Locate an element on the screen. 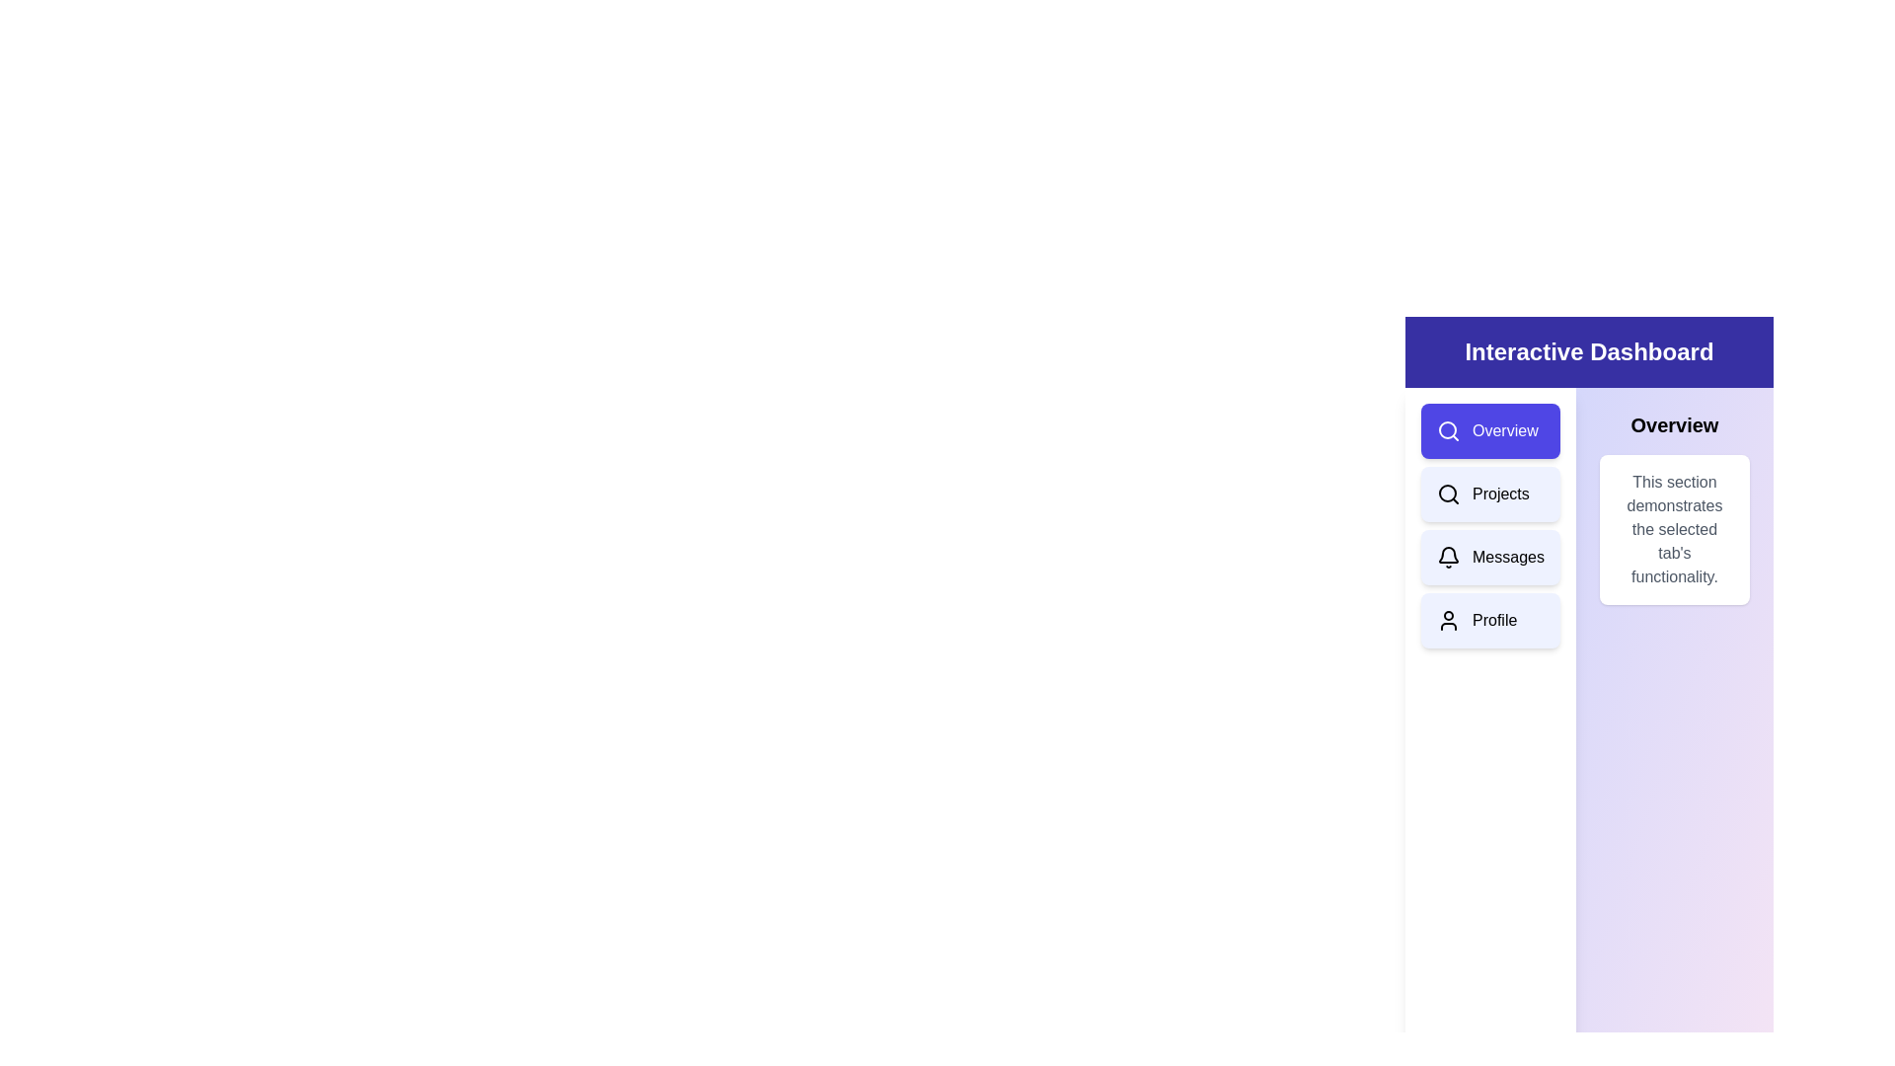 Image resolution: width=1895 pixels, height=1066 pixels. the Static text banner displaying 'Interactive Dashboard' with a vibrant indigo background located at the top of the sidebar layout is located at coordinates (1589, 351).